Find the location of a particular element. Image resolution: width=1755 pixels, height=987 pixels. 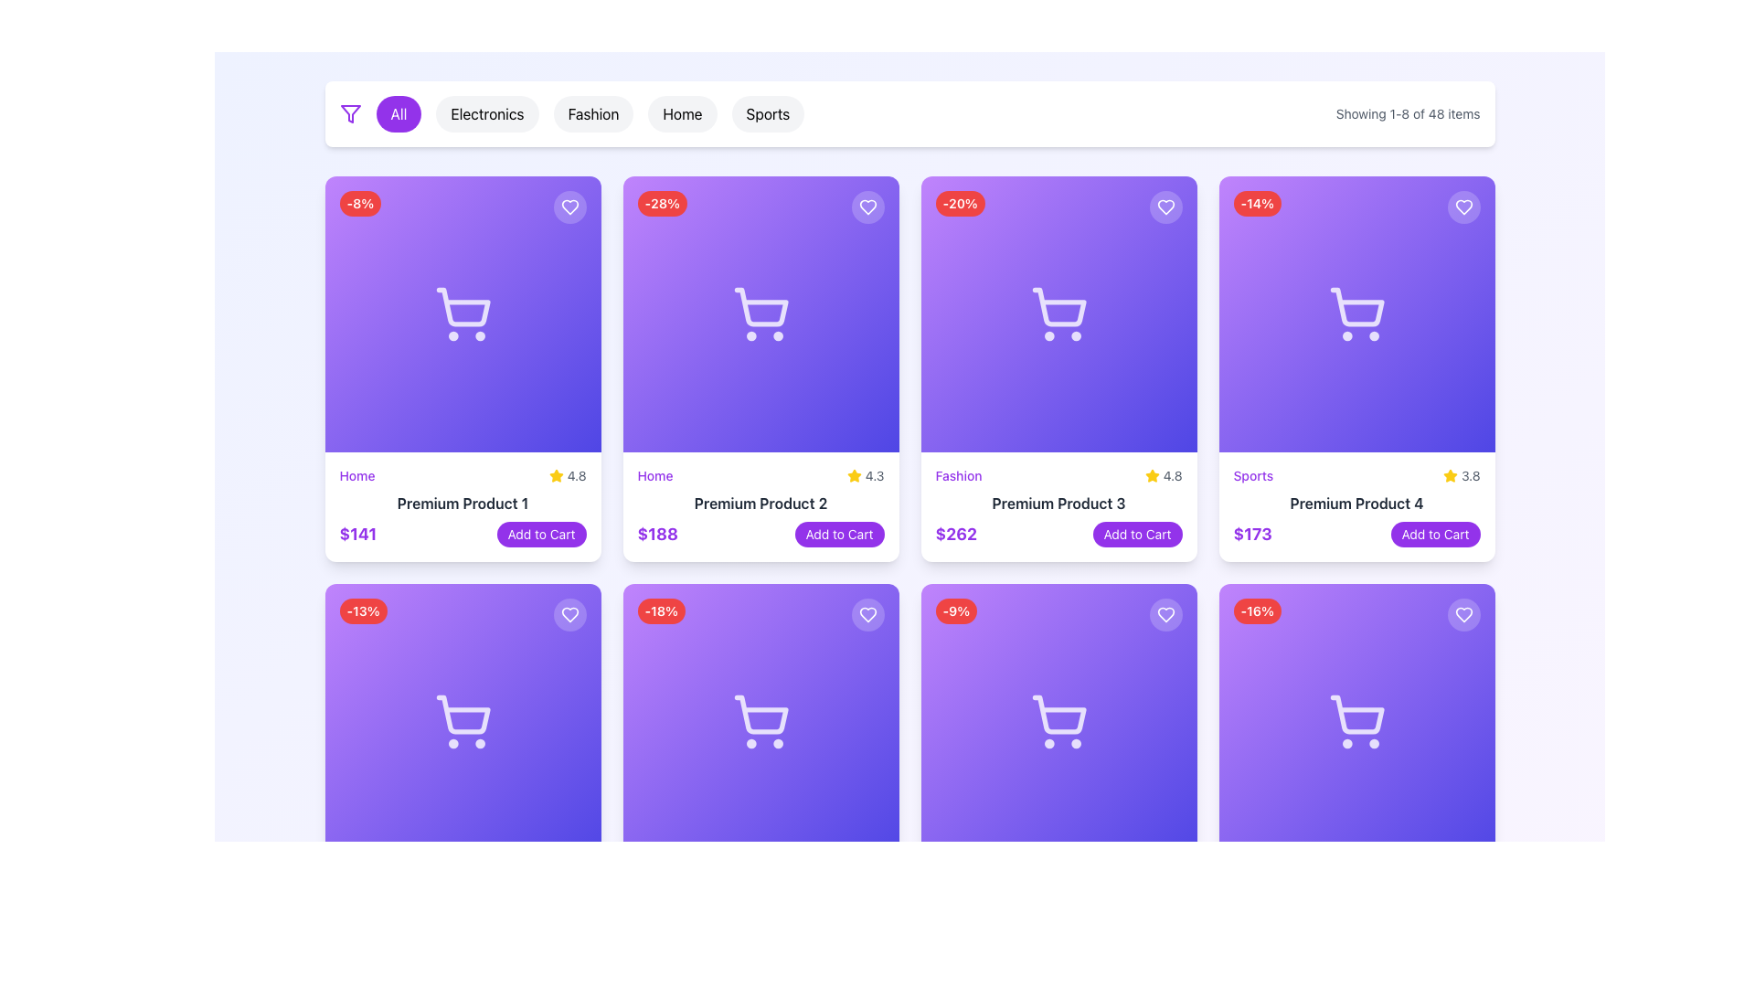

the 'Fashion' button, which is a rectangular button with a light gray background and black text, located in the navigation bar above the product grid is located at coordinates (570, 113).